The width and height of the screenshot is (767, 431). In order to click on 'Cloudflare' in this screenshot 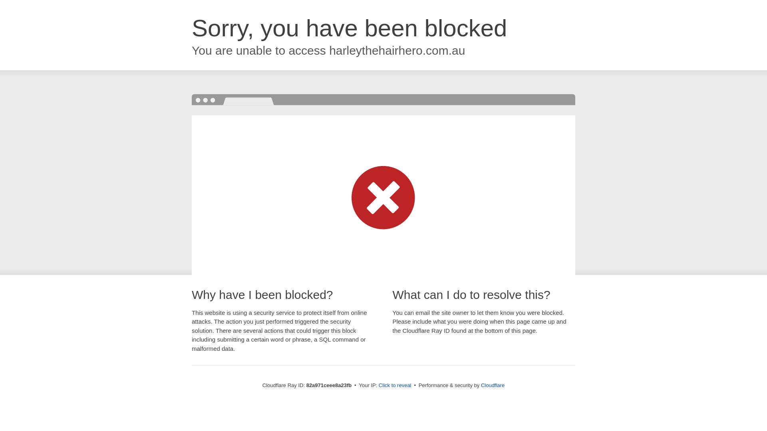, I will do `click(492, 385)`.